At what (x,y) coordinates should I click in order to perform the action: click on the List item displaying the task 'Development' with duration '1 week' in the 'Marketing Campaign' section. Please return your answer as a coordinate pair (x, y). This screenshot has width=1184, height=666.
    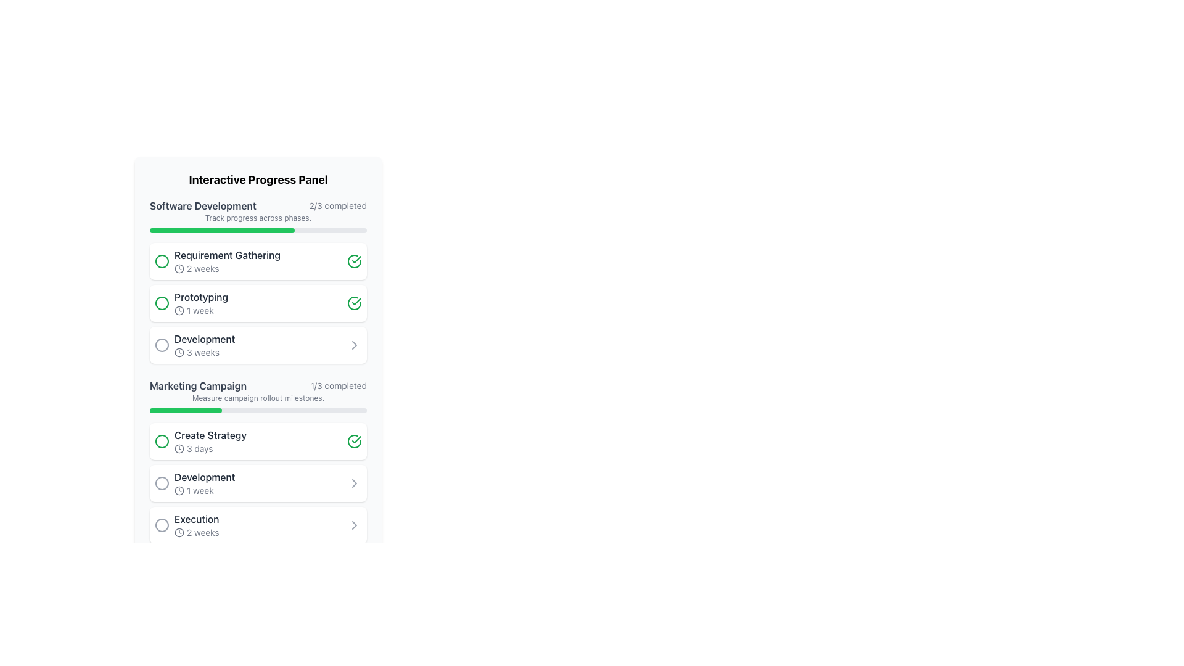
    Looking at the image, I should click on (205, 482).